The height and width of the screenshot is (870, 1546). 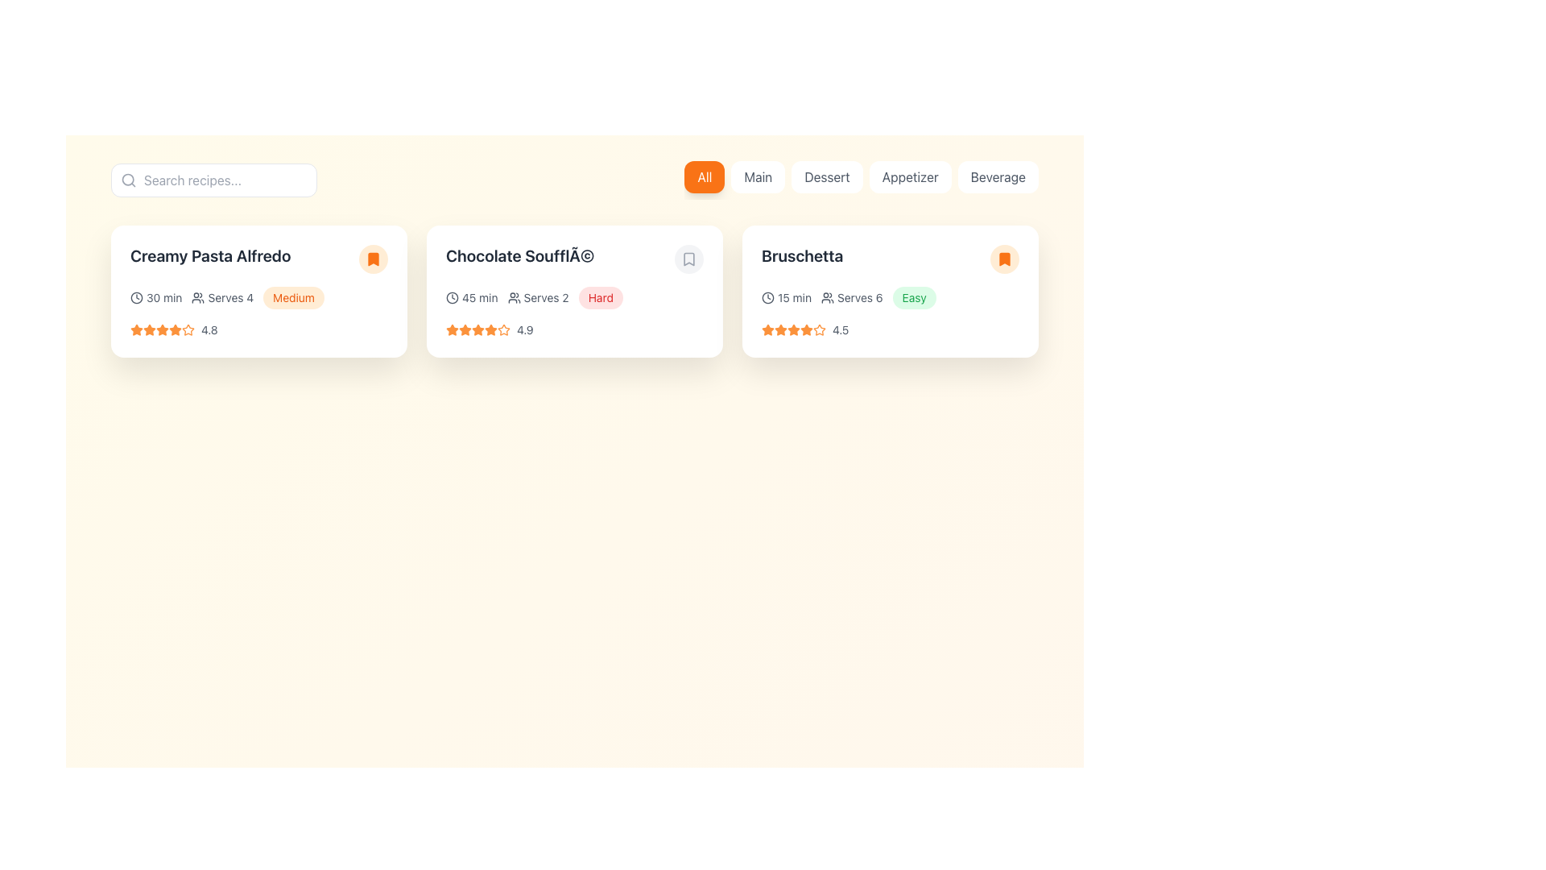 I want to click on the third star in the five-star rating system of the 'Chocolate Soufflé' card, so click(x=477, y=329).